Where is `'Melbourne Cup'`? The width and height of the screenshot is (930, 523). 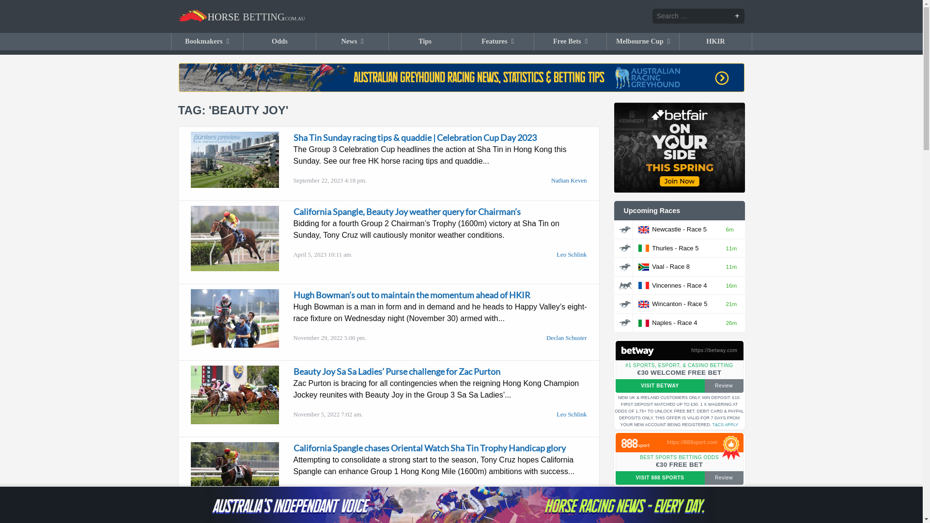 'Melbourne Cup' is located at coordinates (606, 41).